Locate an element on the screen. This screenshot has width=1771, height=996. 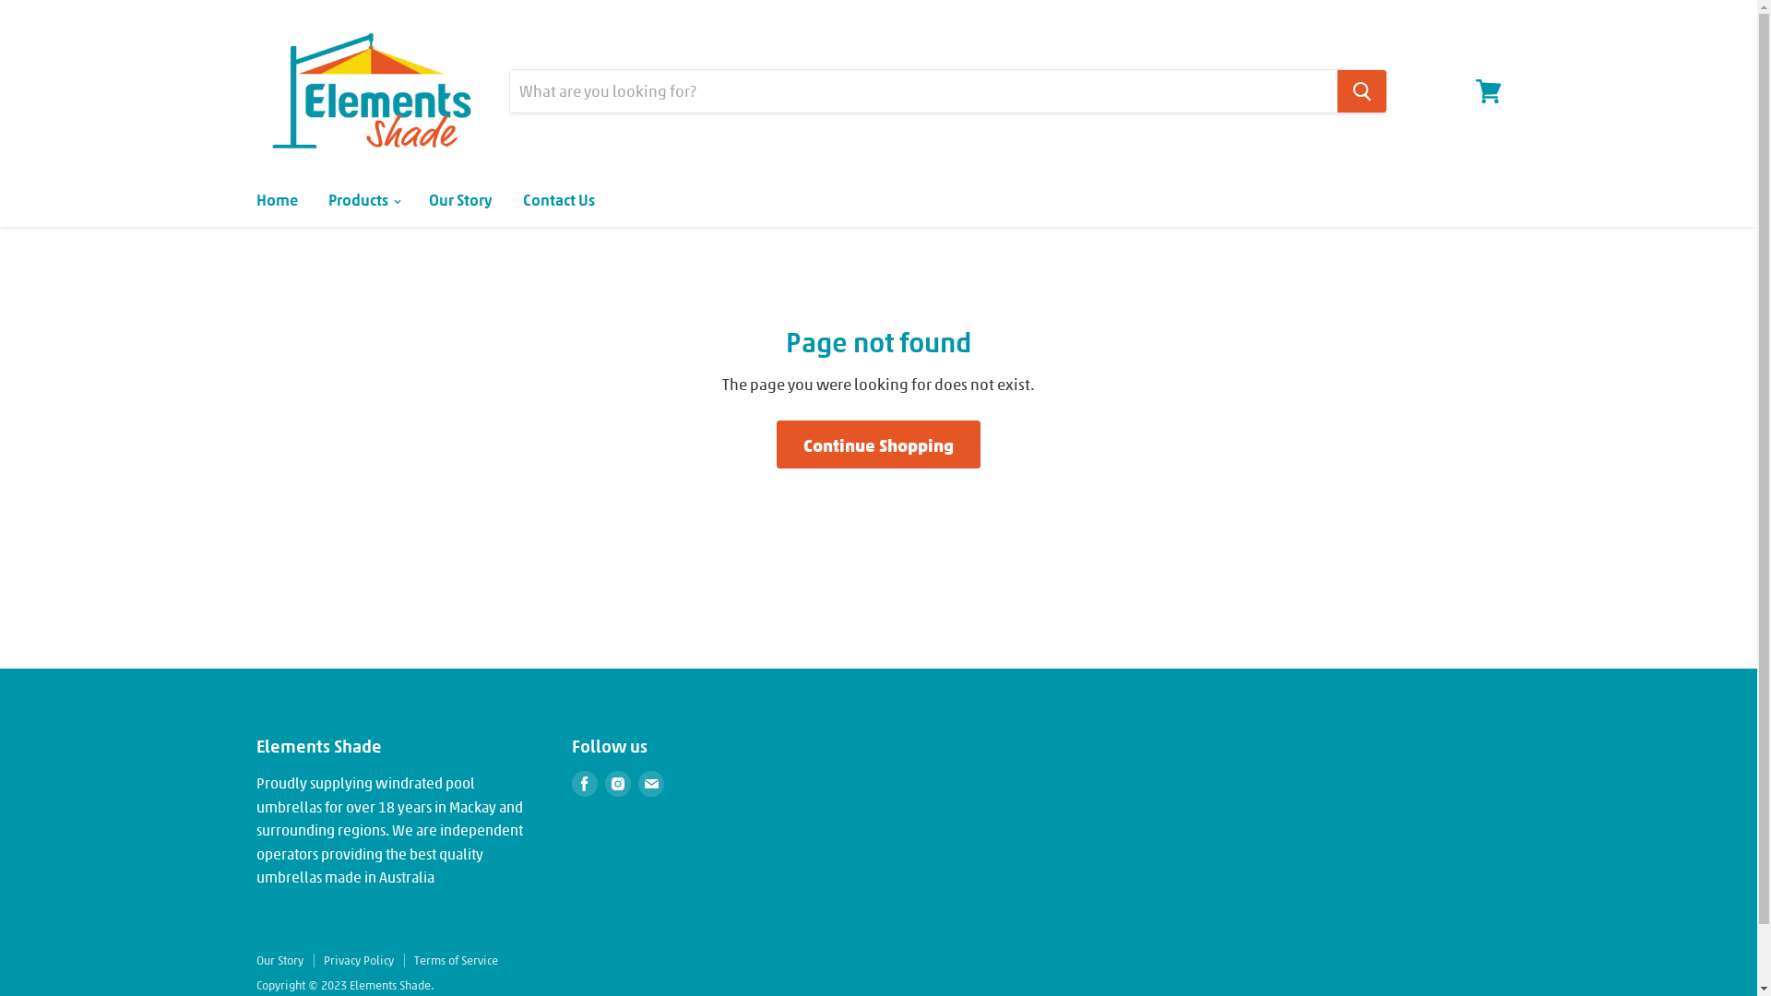
'Products' is located at coordinates (363, 199).